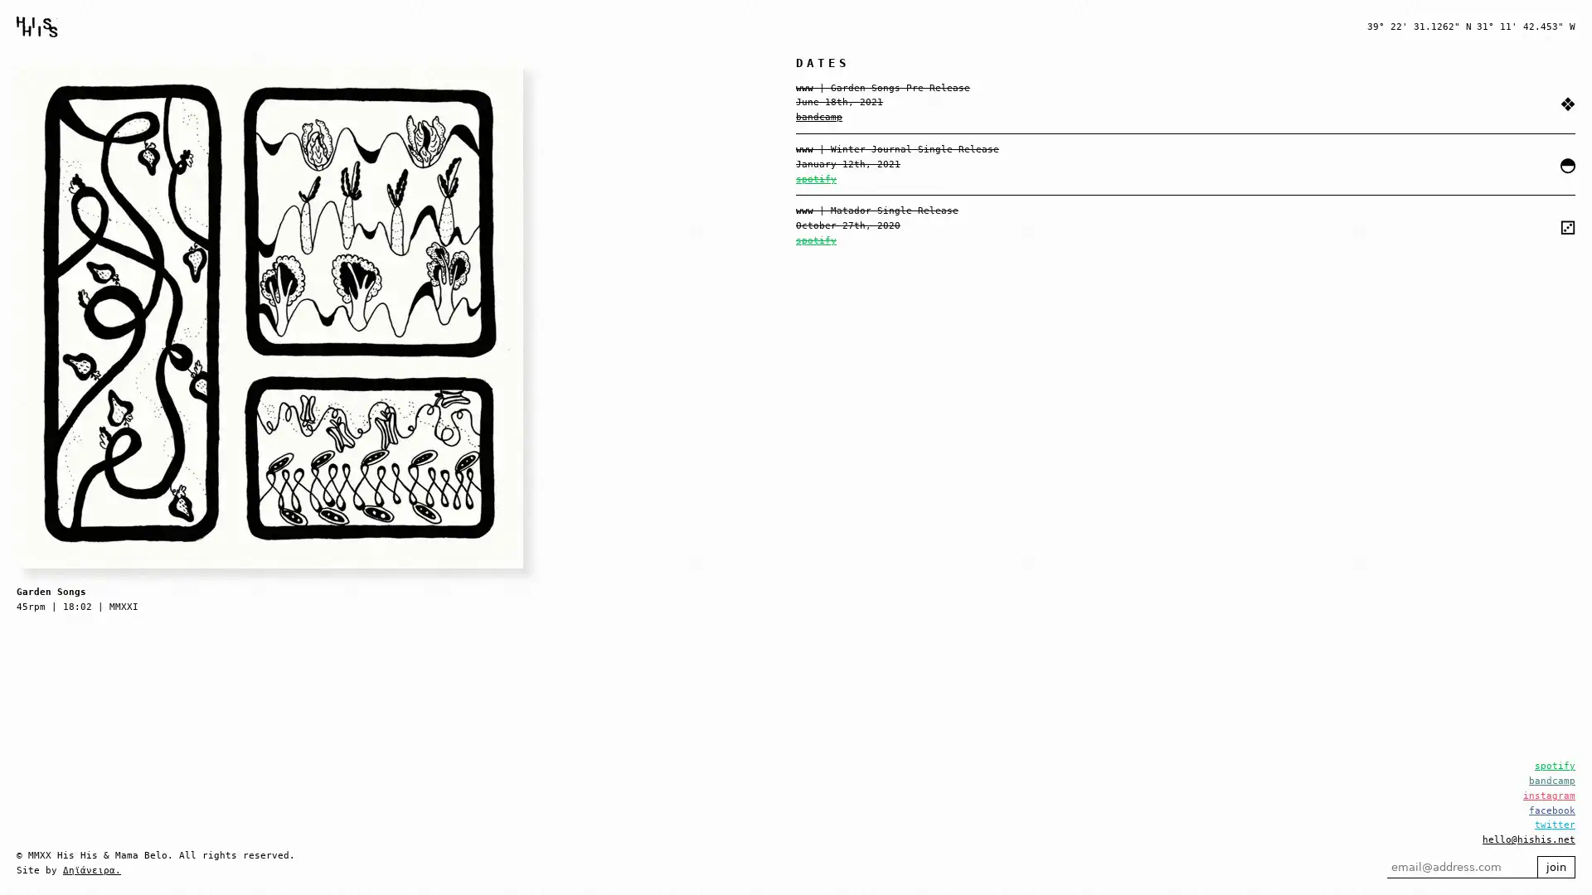 The width and height of the screenshot is (1592, 895). Describe the element at coordinates (1473, 816) in the screenshot. I see `join` at that location.